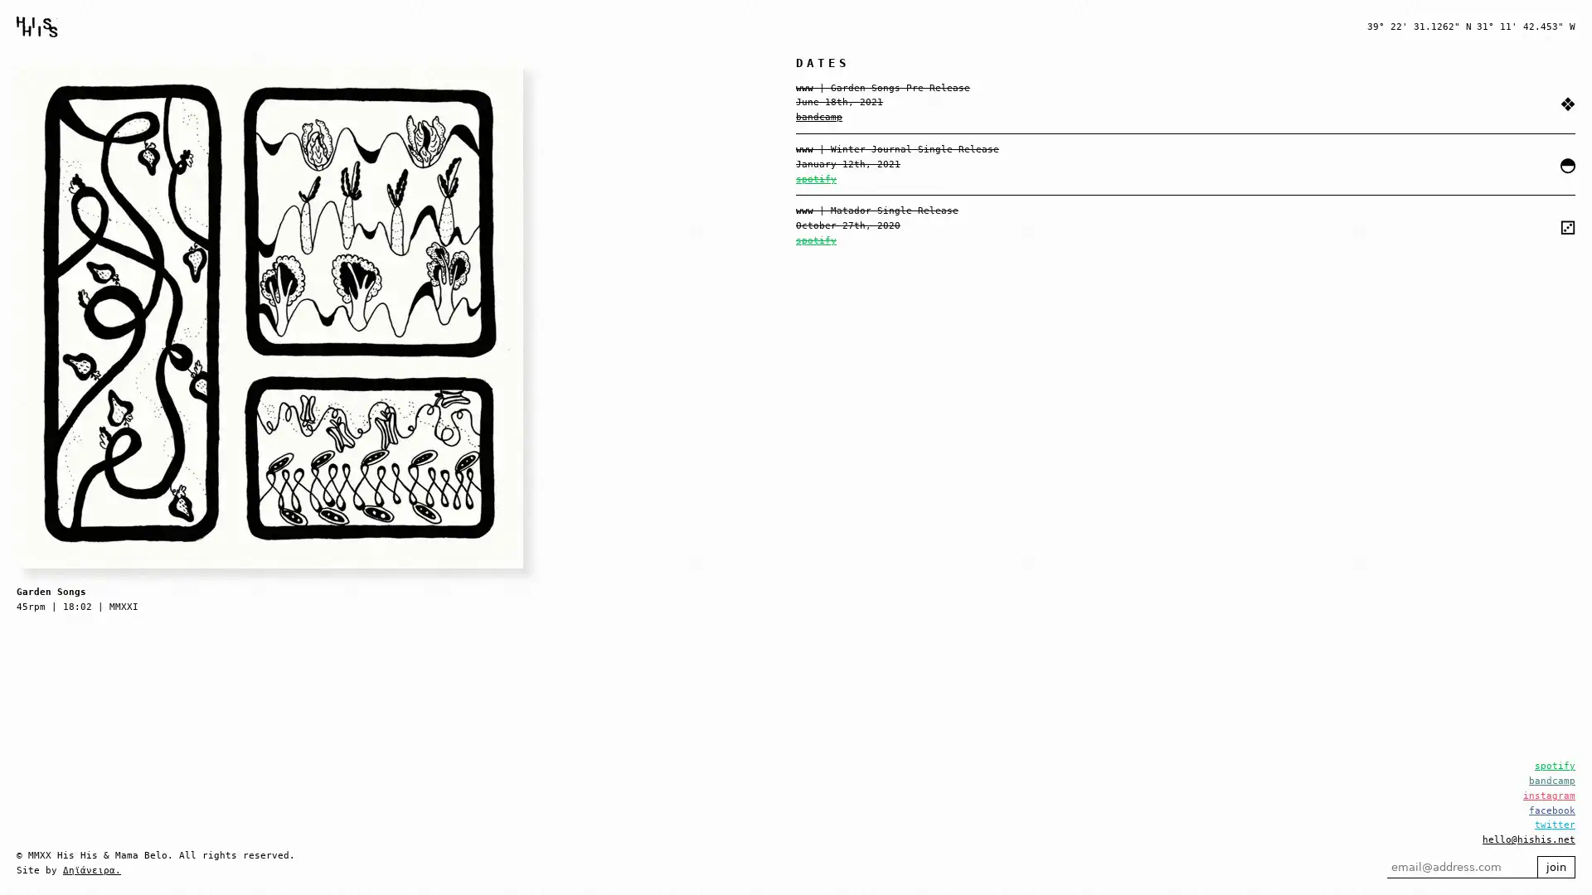 The width and height of the screenshot is (1592, 895). Describe the element at coordinates (1473, 816) in the screenshot. I see `join` at that location.